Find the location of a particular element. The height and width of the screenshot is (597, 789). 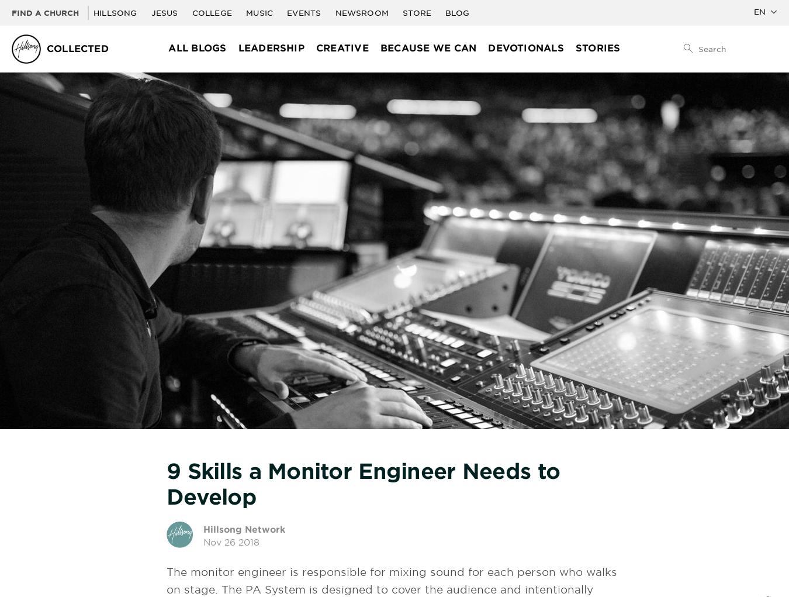

'Collected' is located at coordinates (77, 48).